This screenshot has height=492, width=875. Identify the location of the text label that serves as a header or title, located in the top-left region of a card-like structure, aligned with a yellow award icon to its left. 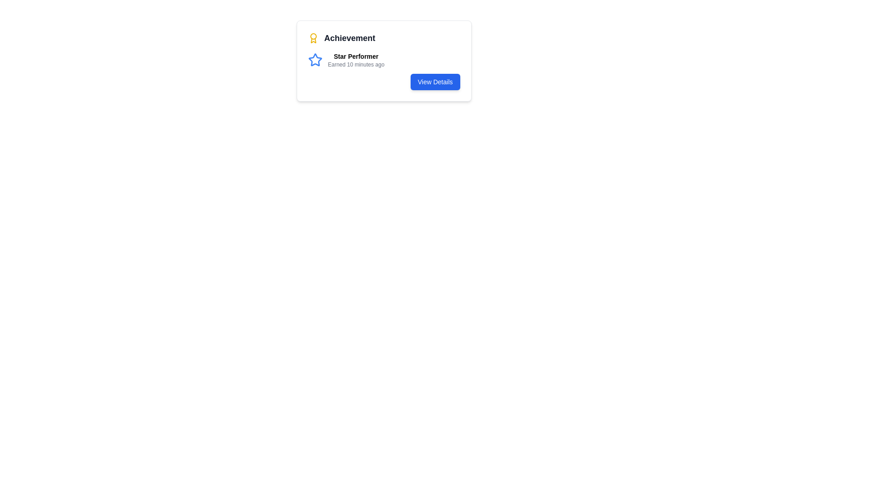
(349, 38).